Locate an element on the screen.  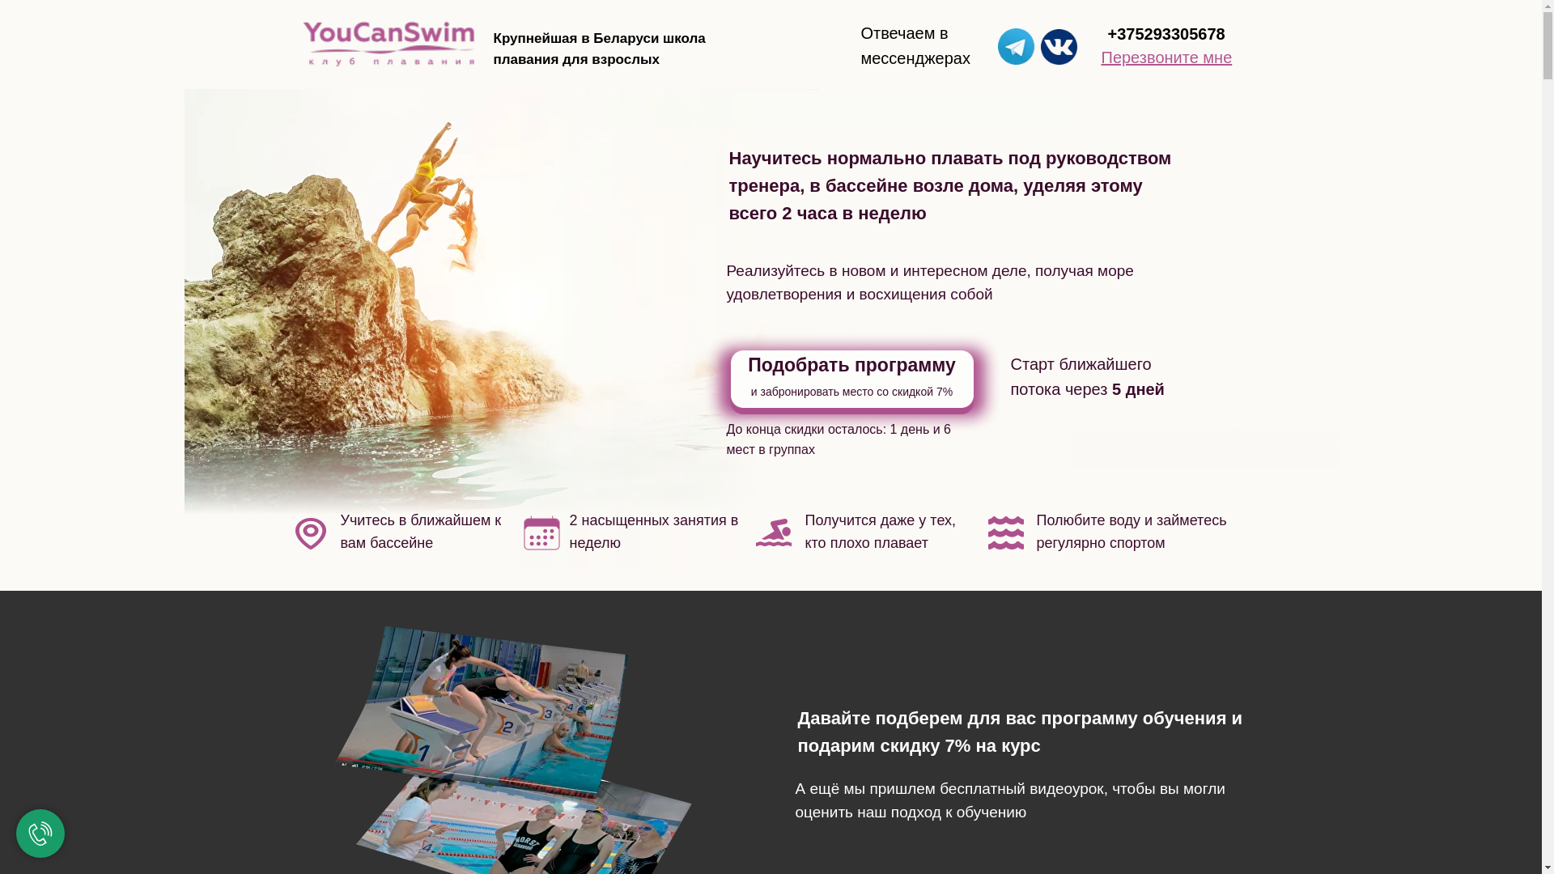
'+375293305678' is located at coordinates (1165, 34).